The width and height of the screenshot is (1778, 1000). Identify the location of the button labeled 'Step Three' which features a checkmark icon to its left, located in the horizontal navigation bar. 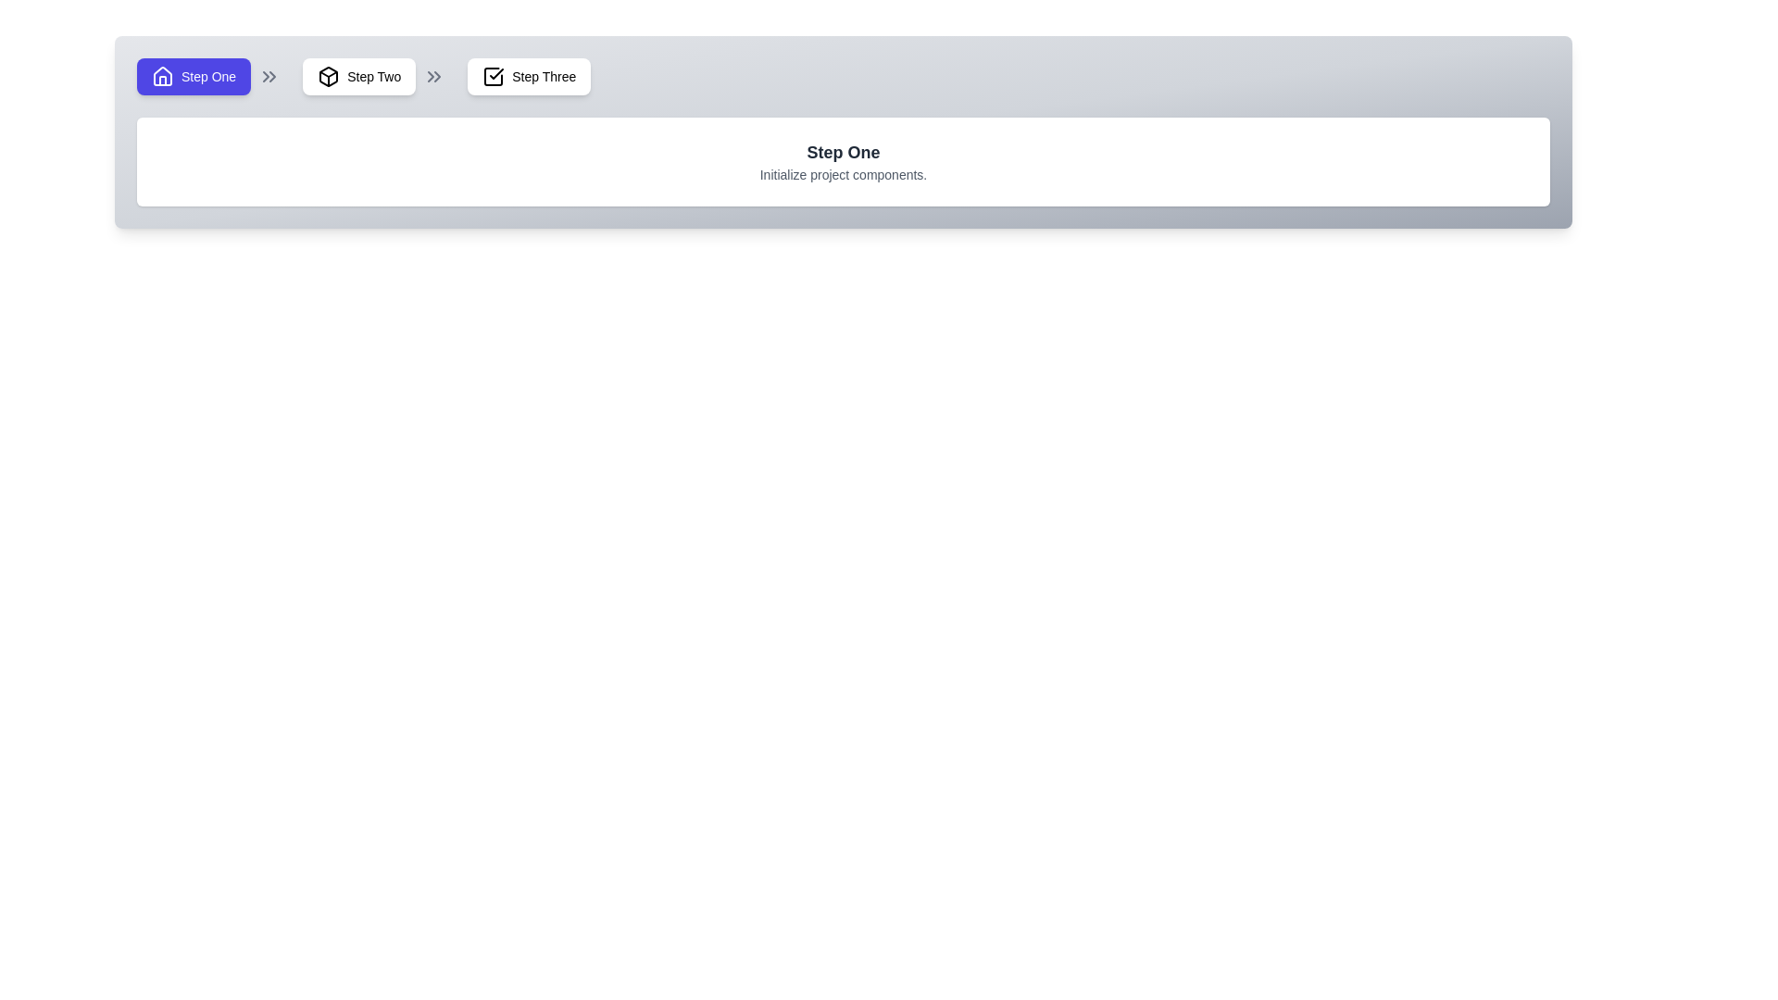
(528, 76).